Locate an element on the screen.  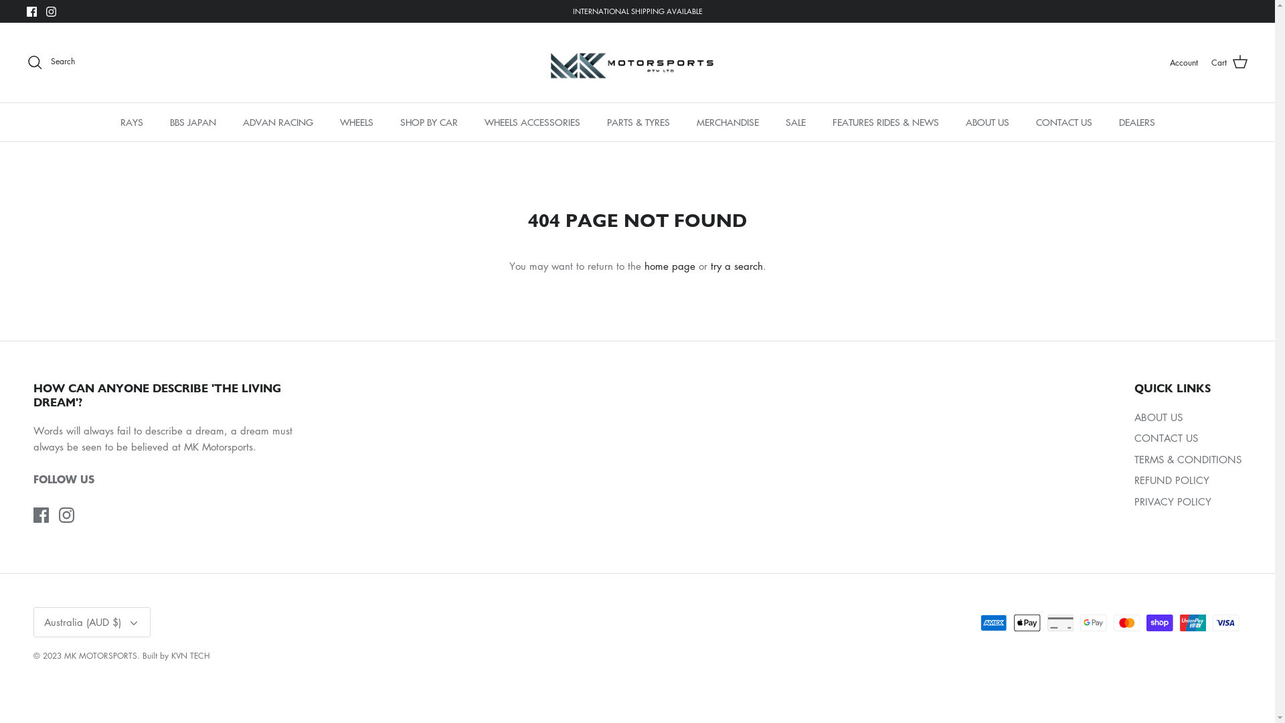
'Search' is located at coordinates (51, 62).